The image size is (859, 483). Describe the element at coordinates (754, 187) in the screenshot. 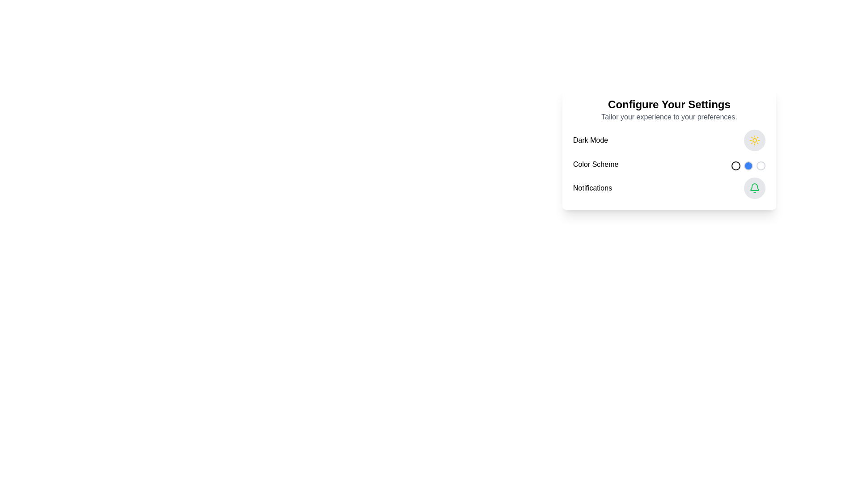

I see `the bell icon within the green outlined circular button in the bottom-right corner of the 'Configure Your Settings' section` at that location.